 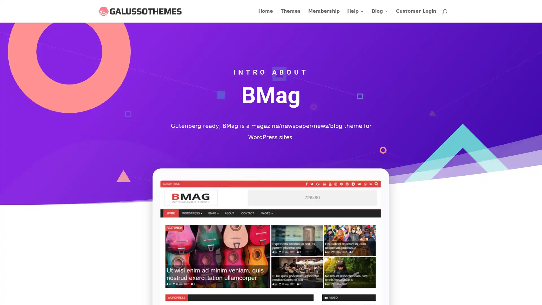 I want to click on Question with product?, so click(x=499, y=292).